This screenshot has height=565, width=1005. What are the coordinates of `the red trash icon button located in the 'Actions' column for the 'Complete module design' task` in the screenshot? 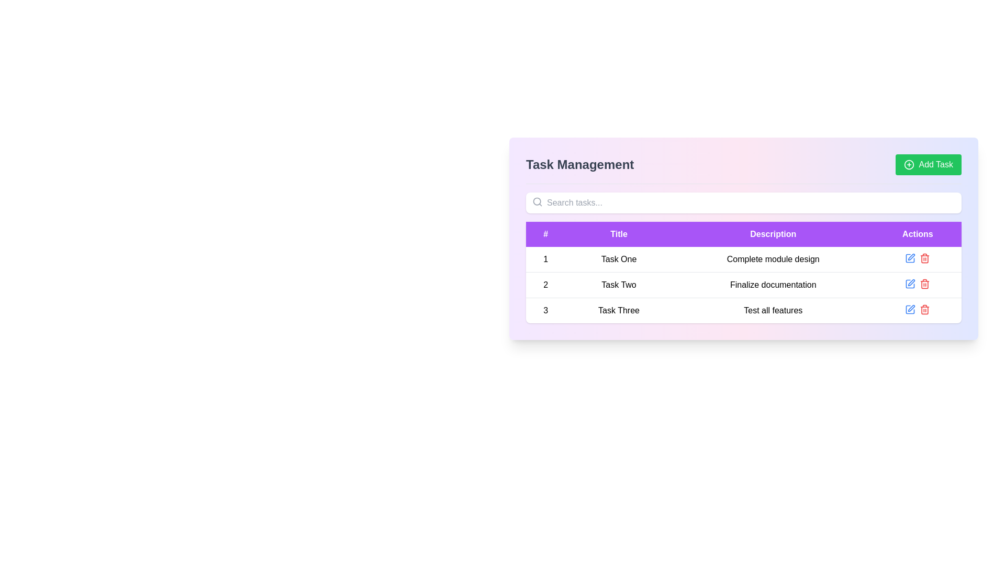 It's located at (924, 258).